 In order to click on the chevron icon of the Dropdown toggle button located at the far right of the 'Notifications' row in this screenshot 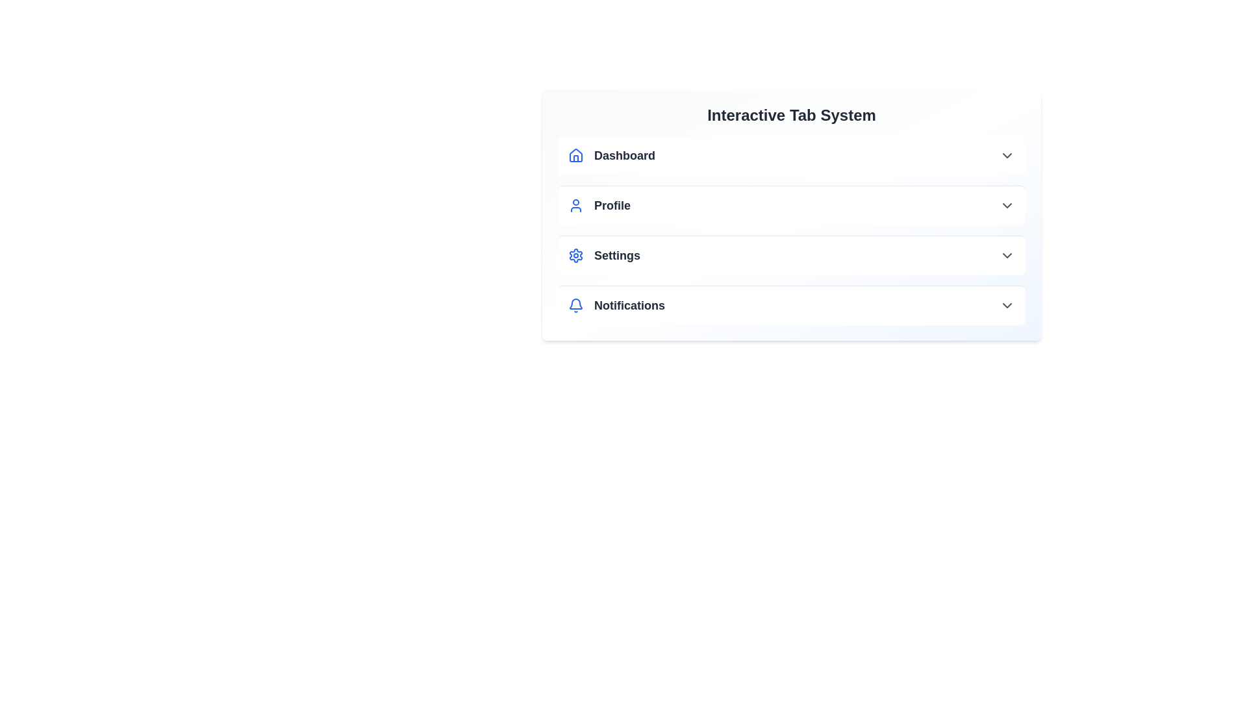, I will do `click(1006, 305)`.